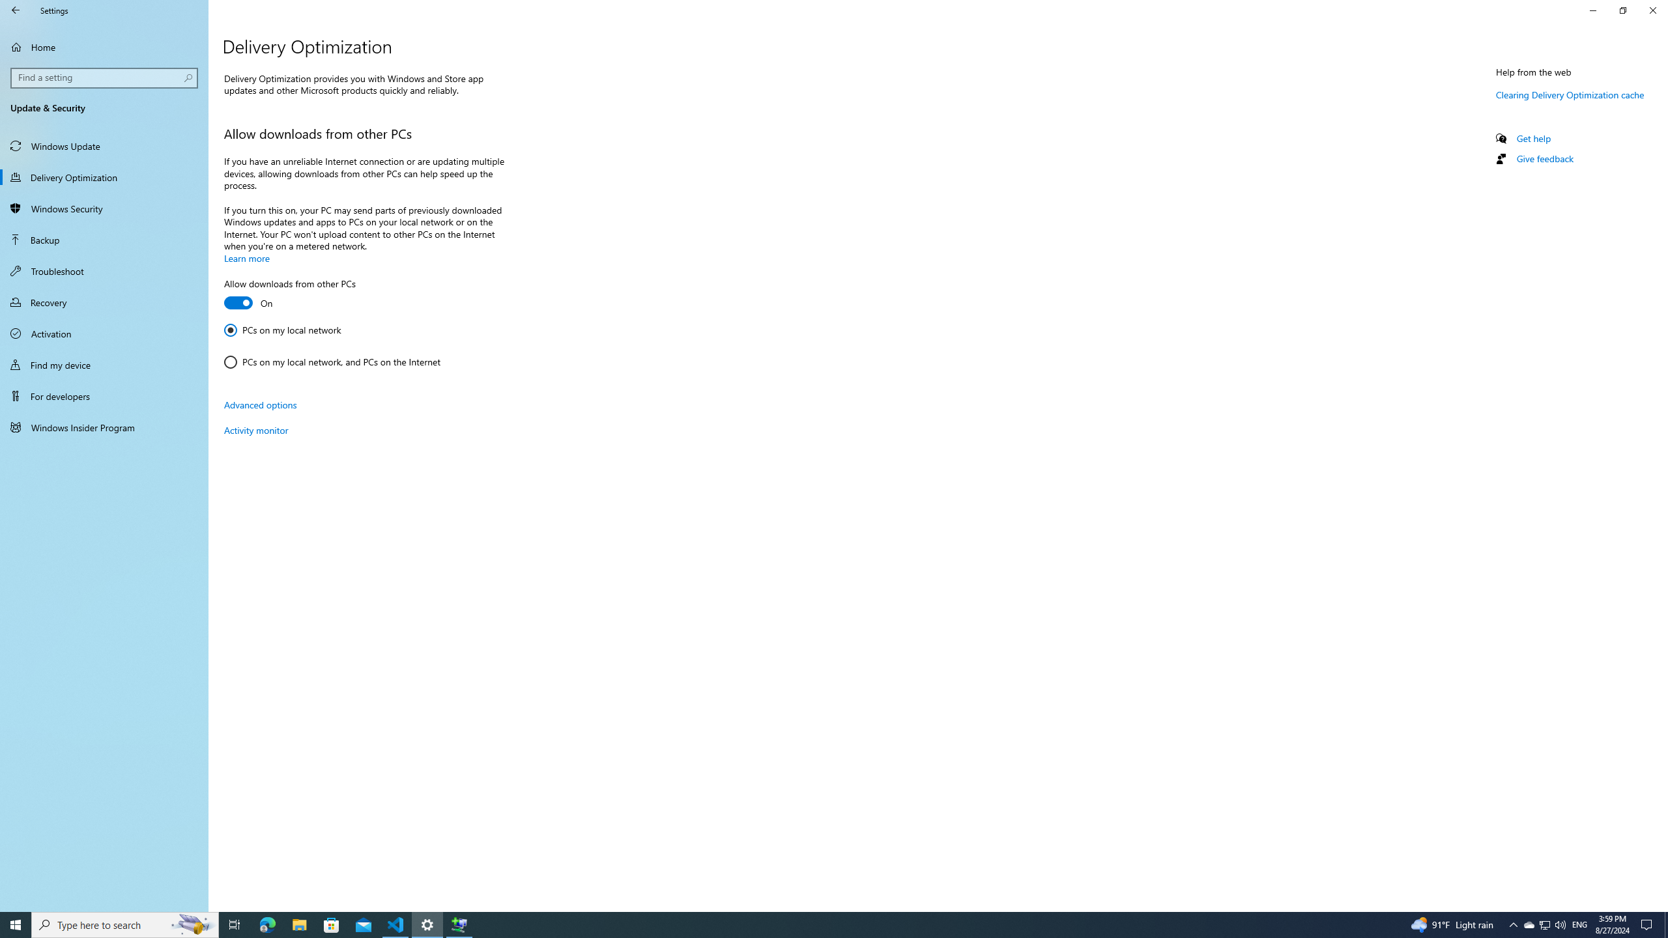 This screenshot has width=1668, height=938. Describe the element at coordinates (281, 329) in the screenshot. I see `'PCs on my local network'` at that location.